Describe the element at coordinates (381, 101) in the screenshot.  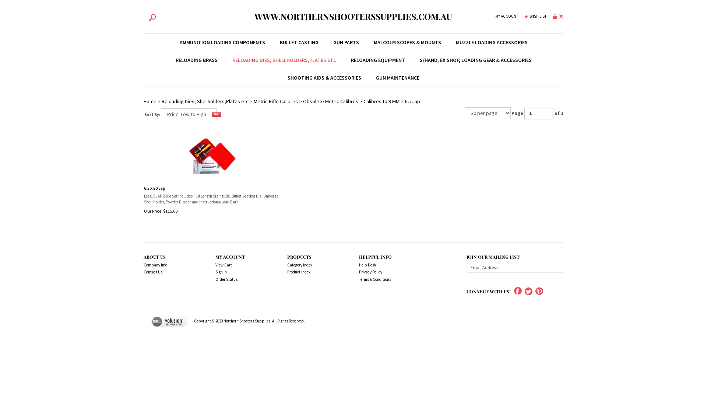
I see `'Calibres to 9 MM'` at that location.